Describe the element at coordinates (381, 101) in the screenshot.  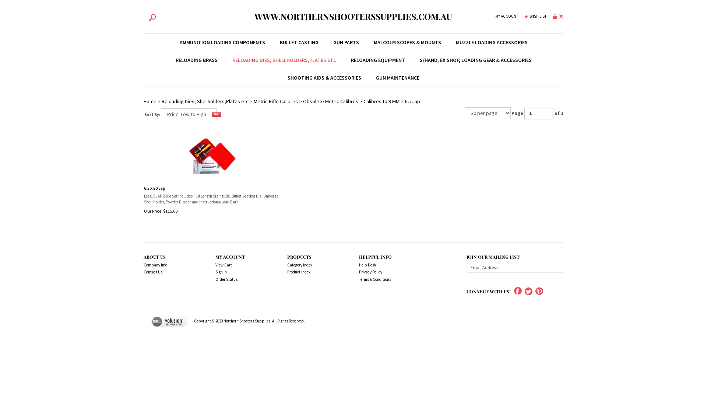
I see `'Calibres to 9 MM'` at that location.